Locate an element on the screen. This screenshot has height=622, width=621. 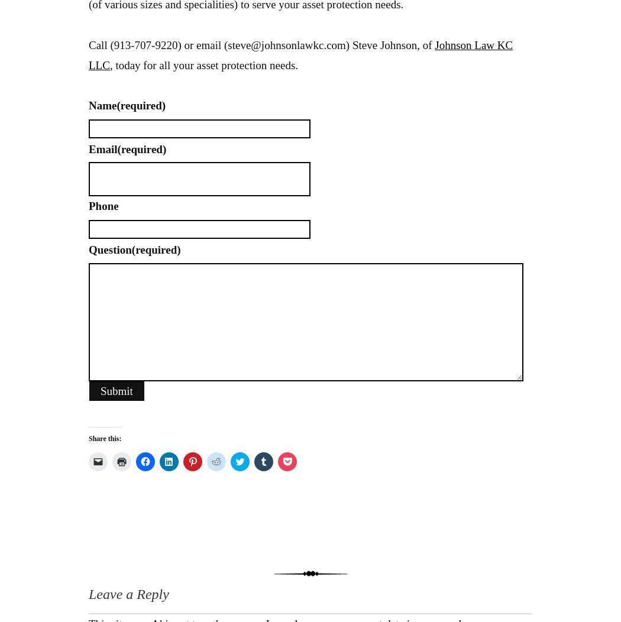
'Email' is located at coordinates (102, 148).